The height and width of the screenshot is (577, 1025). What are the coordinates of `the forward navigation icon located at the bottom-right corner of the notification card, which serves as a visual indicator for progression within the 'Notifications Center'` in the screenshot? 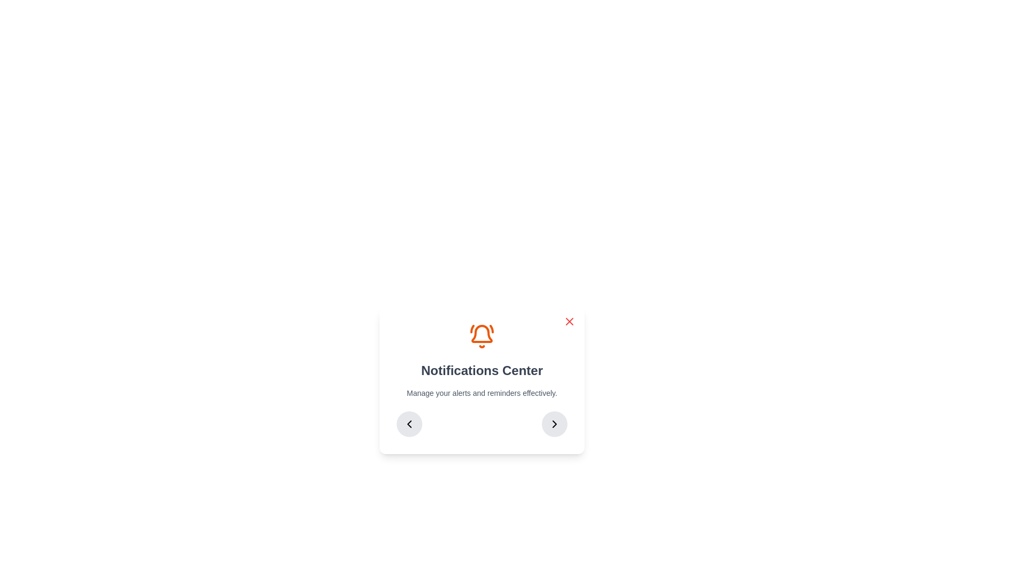 It's located at (554, 424).